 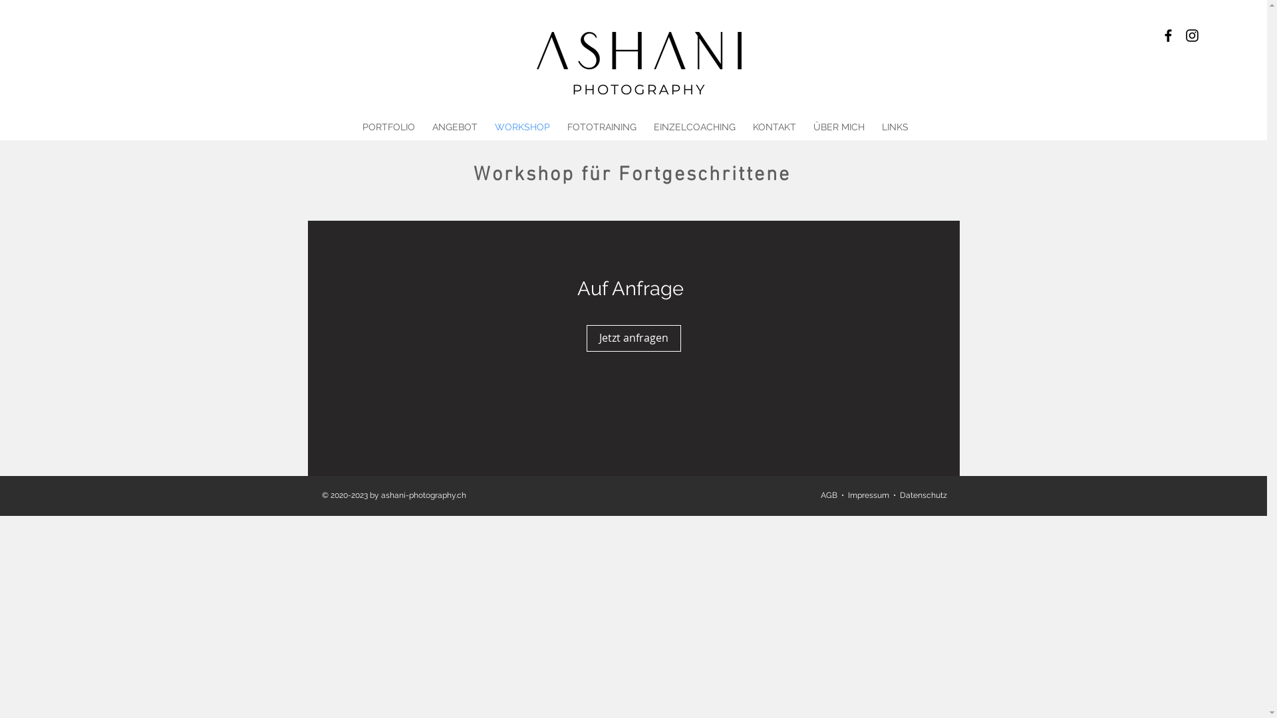 I want to click on 'AGB', so click(x=819, y=495).